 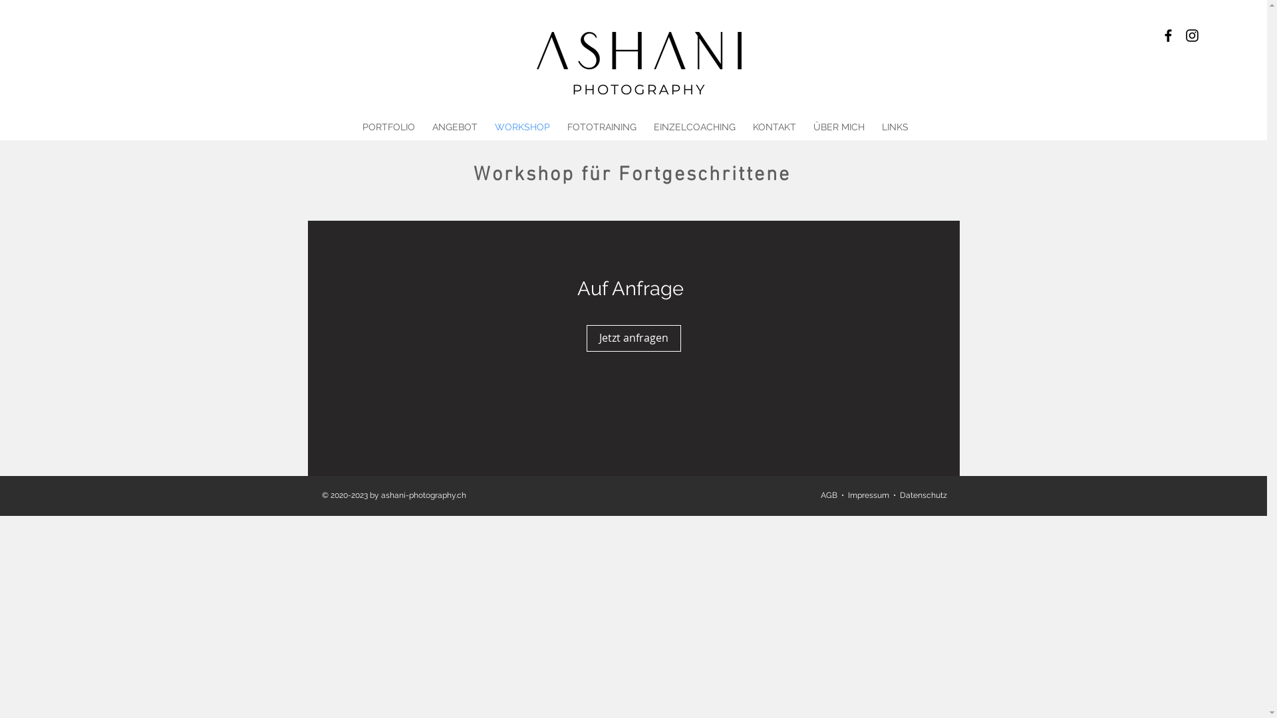 I want to click on 'AGB', so click(x=819, y=495).